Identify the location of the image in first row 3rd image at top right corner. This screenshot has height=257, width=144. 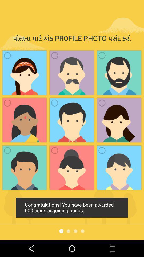
(119, 72).